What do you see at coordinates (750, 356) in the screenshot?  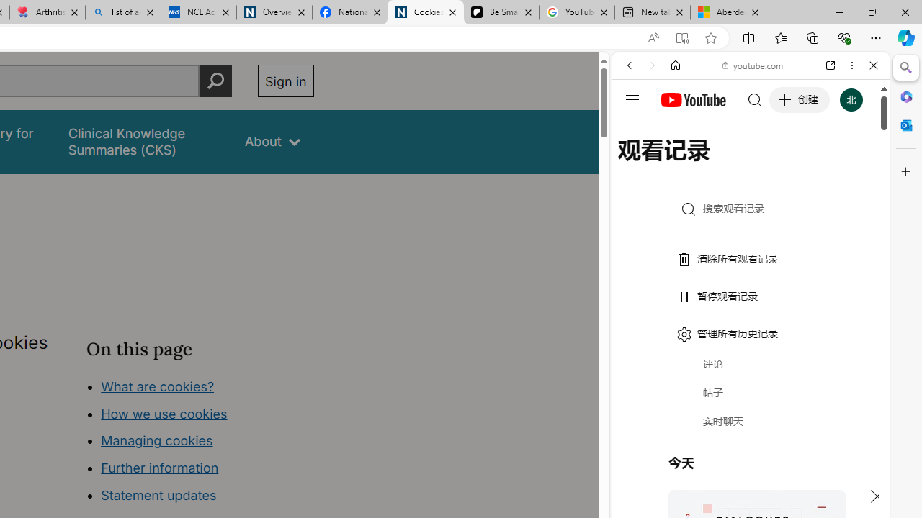 I see `'Google'` at bounding box center [750, 356].